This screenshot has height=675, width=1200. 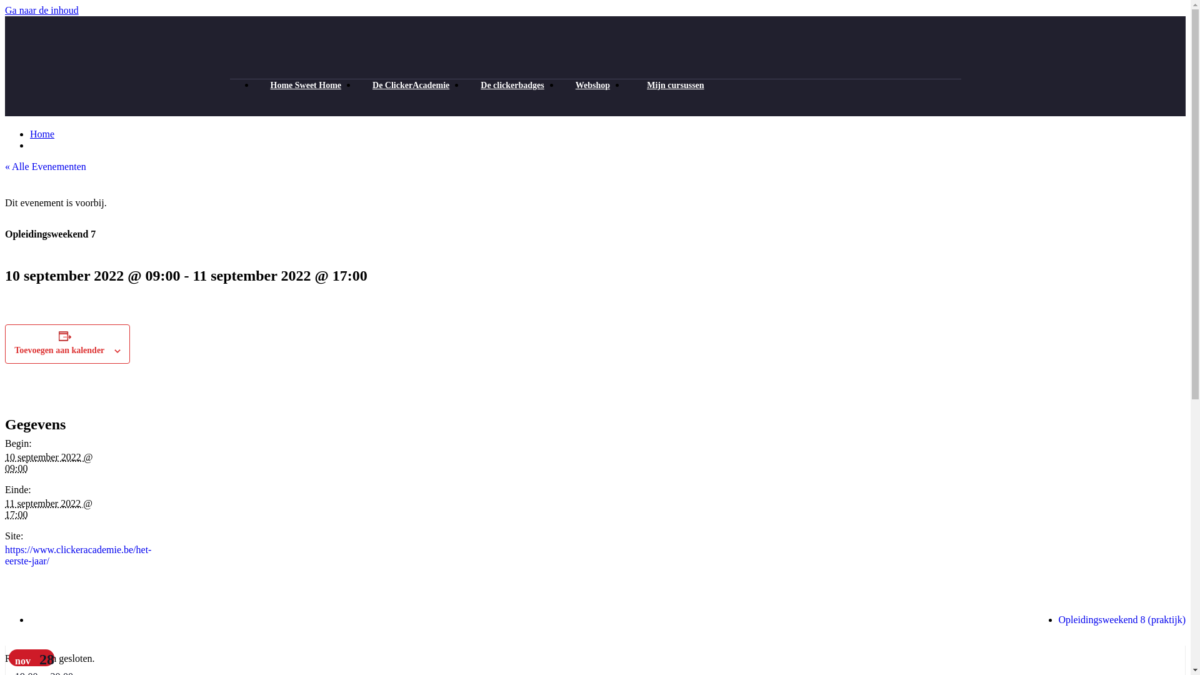 What do you see at coordinates (512, 84) in the screenshot?
I see `'De clickerbadges'` at bounding box center [512, 84].